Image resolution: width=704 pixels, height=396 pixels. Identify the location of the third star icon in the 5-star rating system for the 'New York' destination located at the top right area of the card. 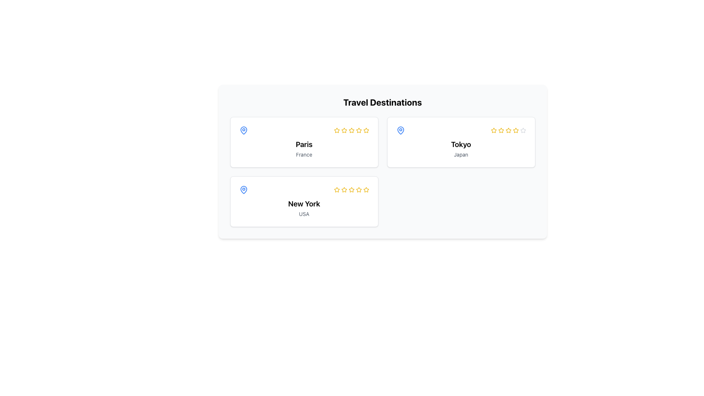
(366, 189).